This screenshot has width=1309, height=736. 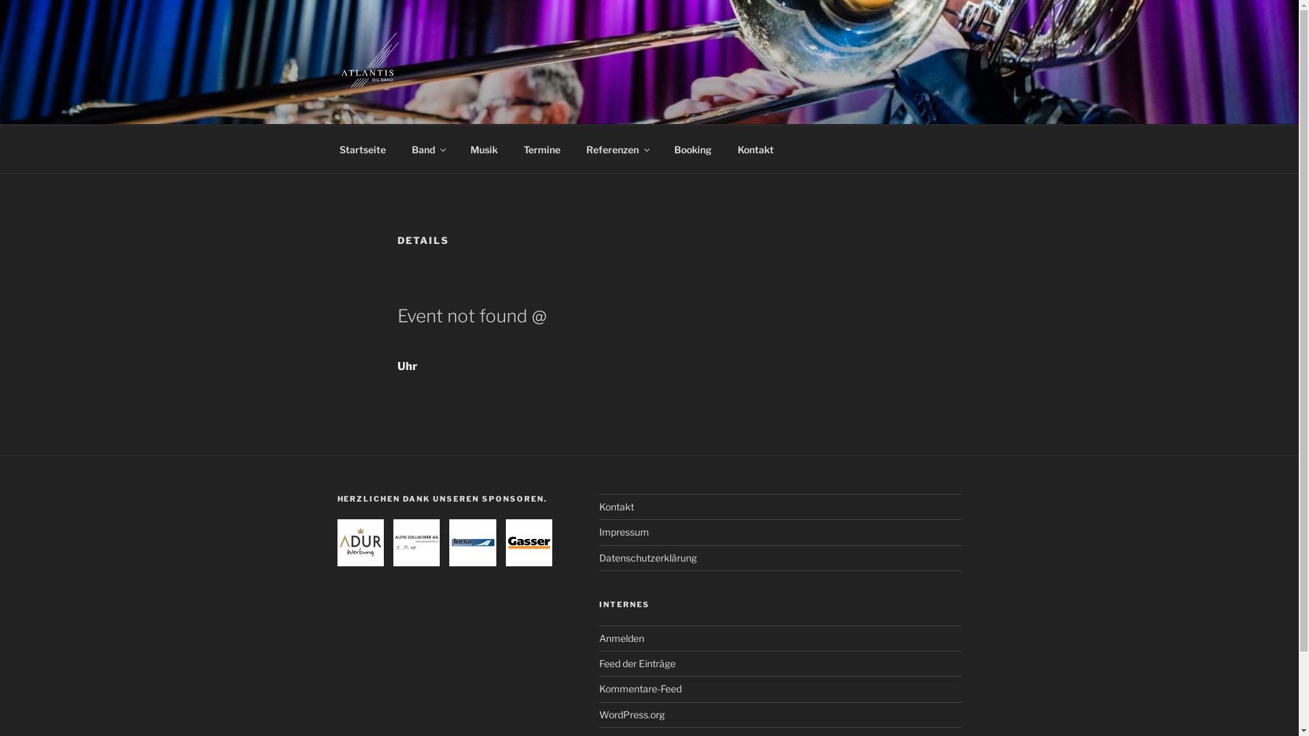 What do you see at coordinates (621, 638) in the screenshot?
I see `'Anmelden'` at bounding box center [621, 638].